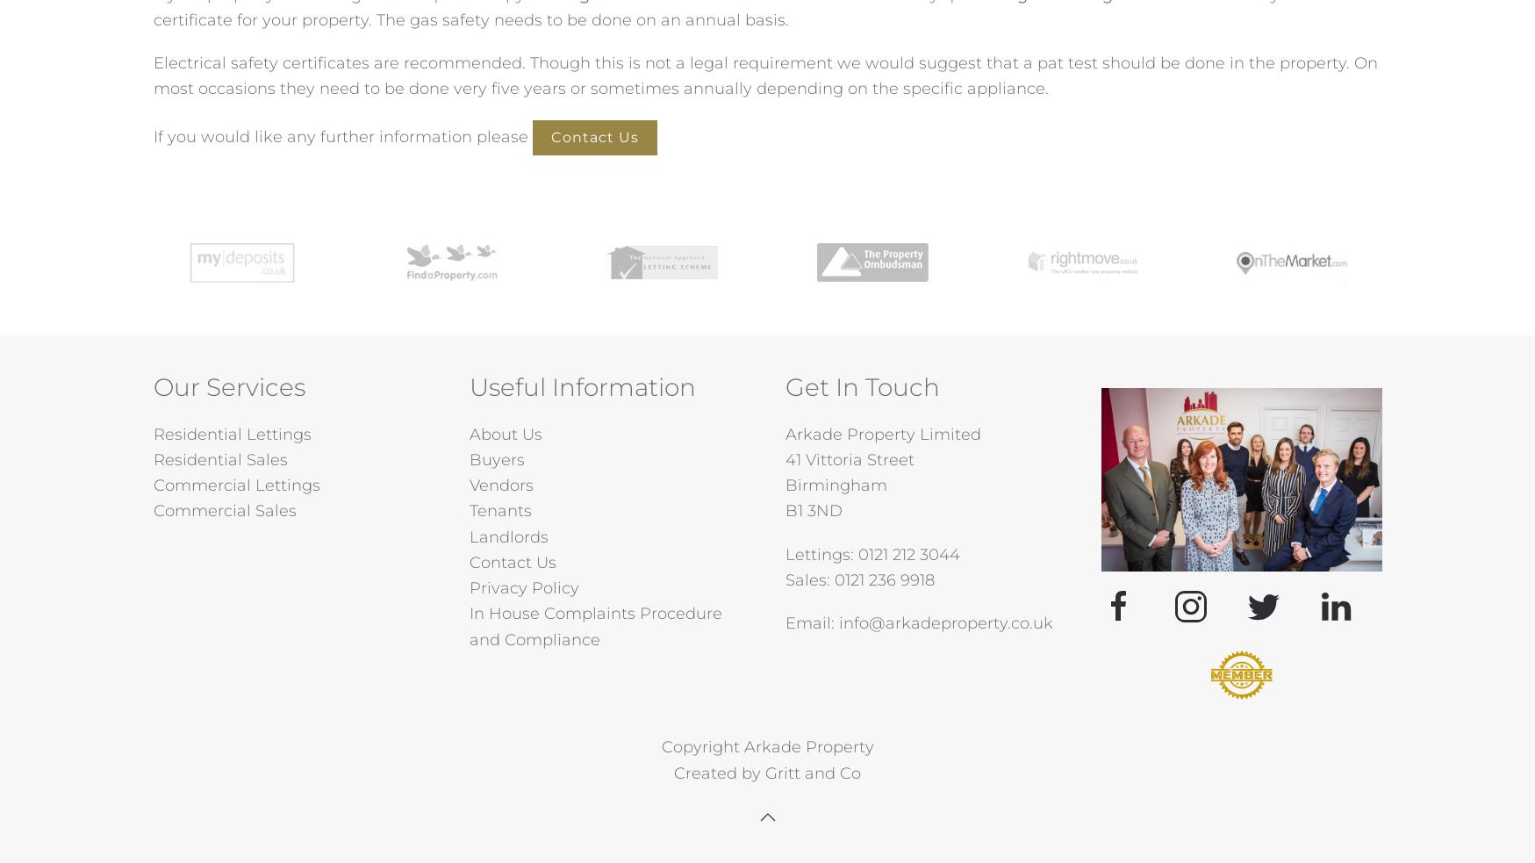 Image resolution: width=1535 pixels, height=863 pixels. I want to click on 'Copyright Arkade Property', so click(765, 746).